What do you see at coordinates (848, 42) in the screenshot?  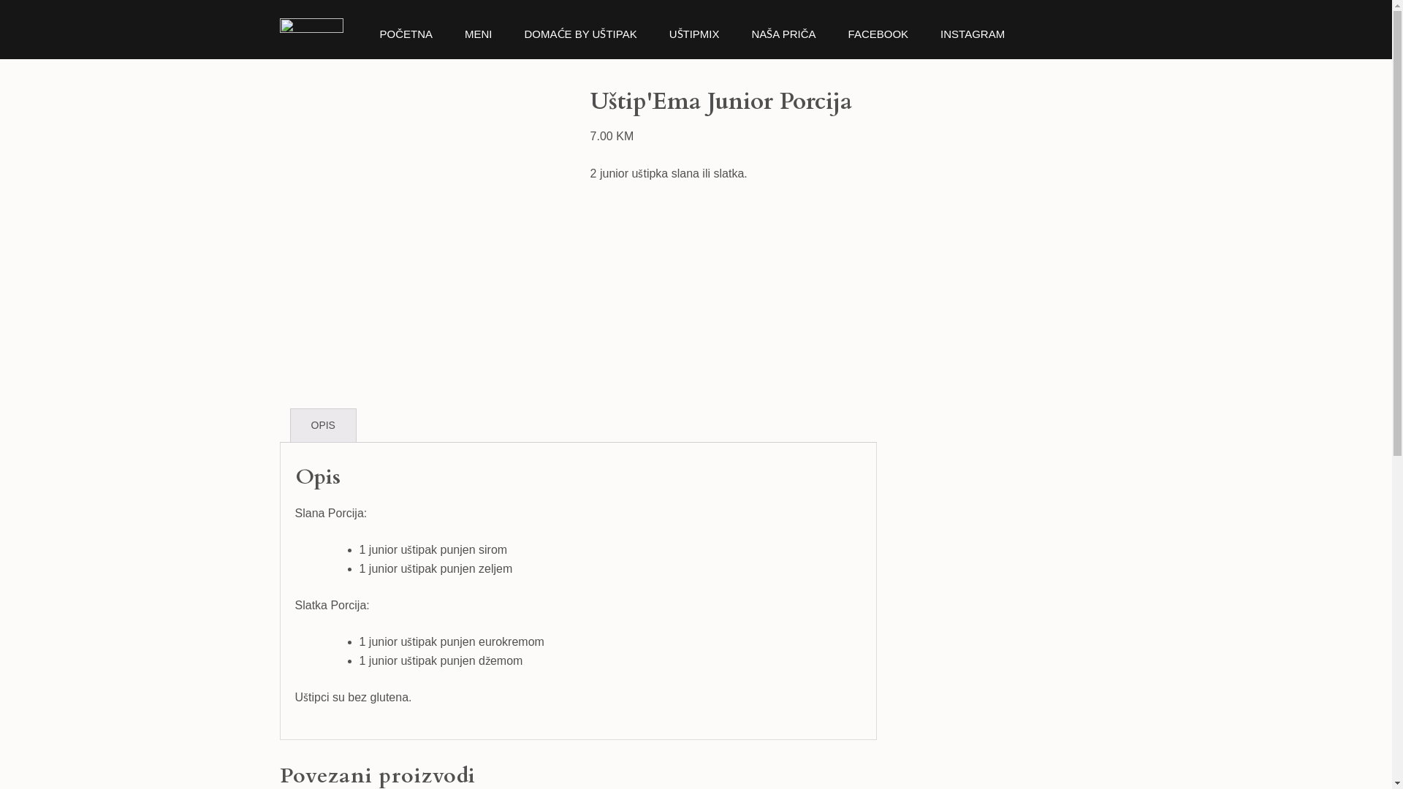 I see `'FACEBOOK'` at bounding box center [848, 42].